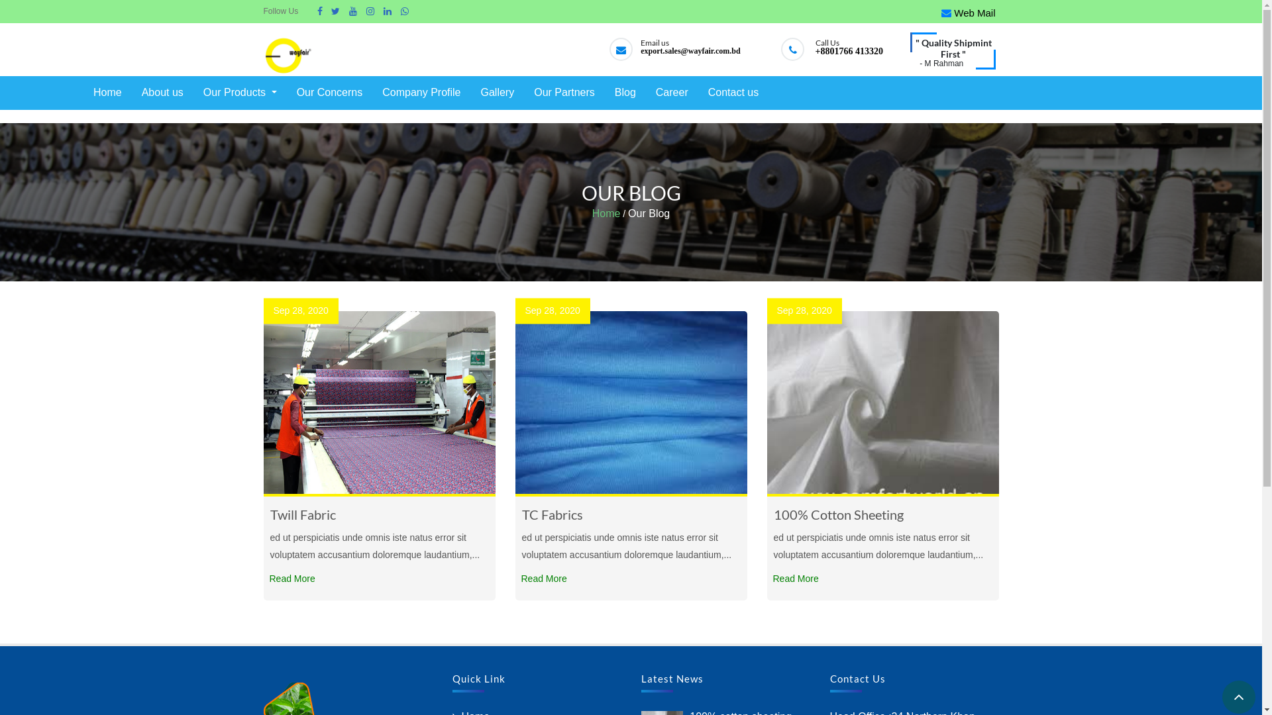  I want to click on 'Home', so click(89, 92).